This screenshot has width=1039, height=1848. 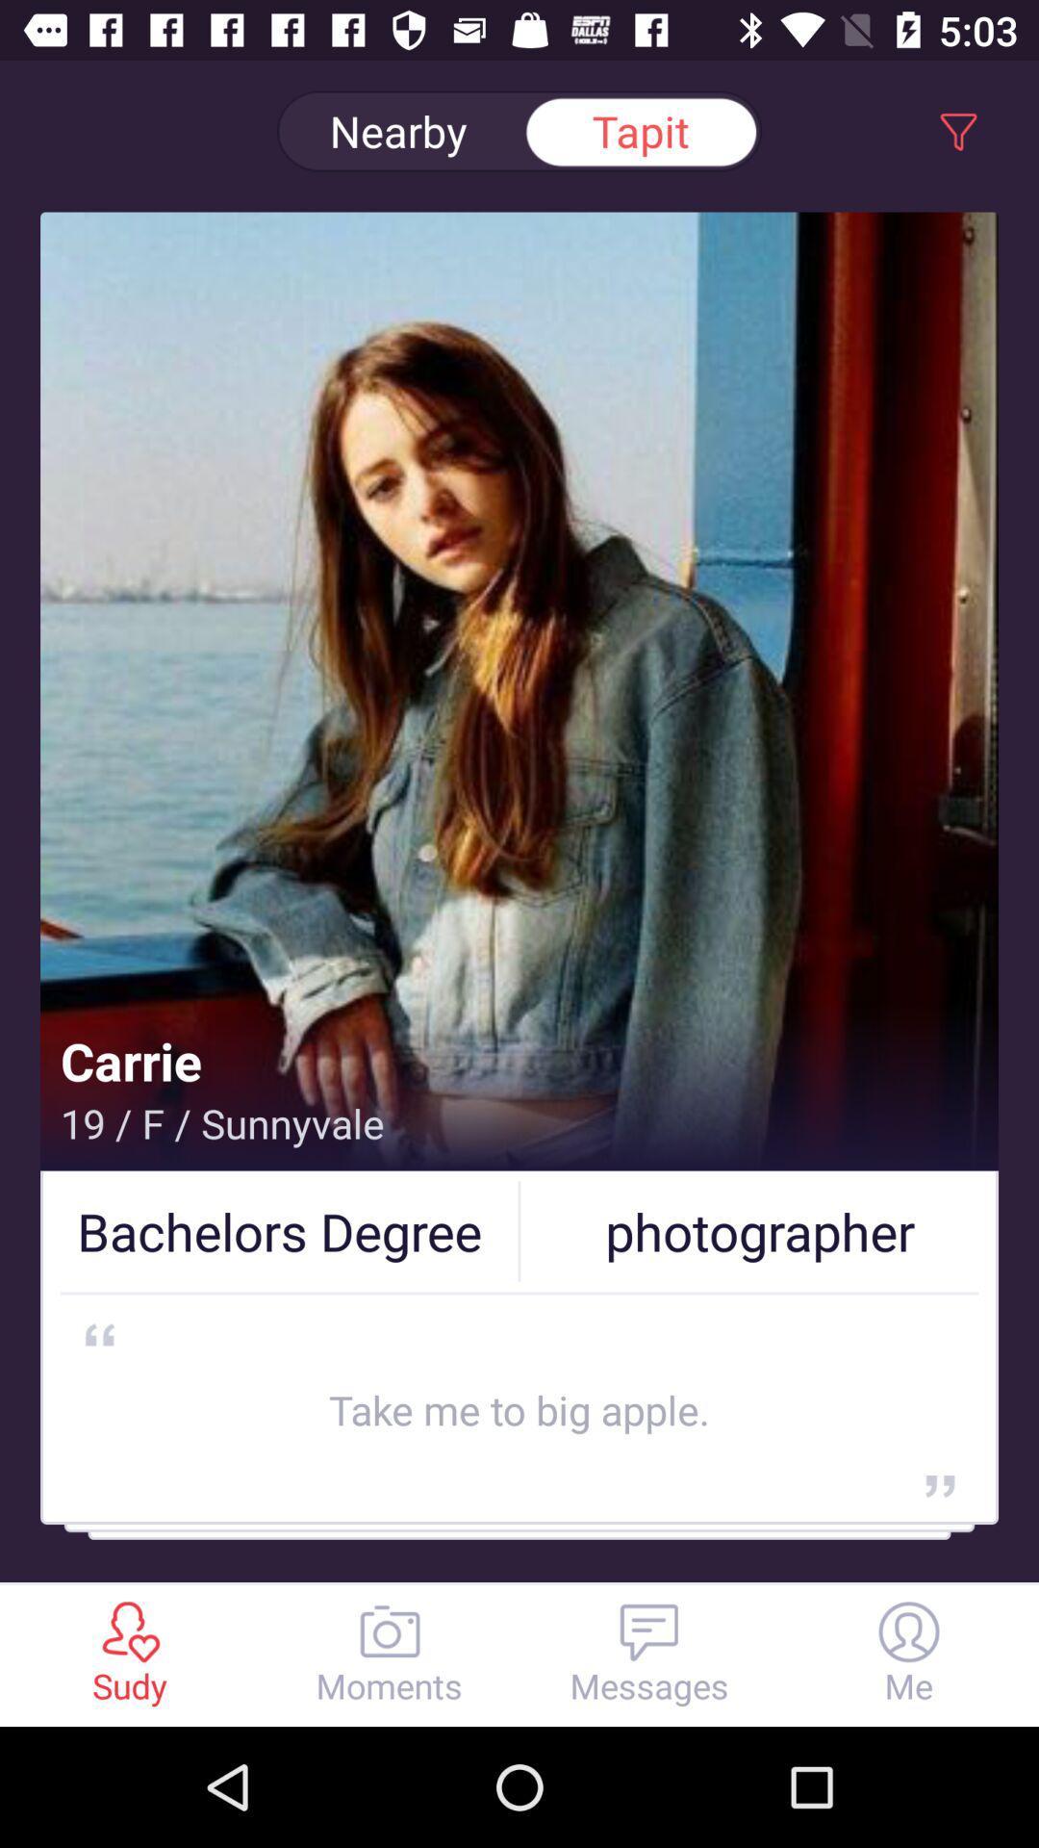 I want to click on symbol below bachelor degree, so click(x=100, y=1333).